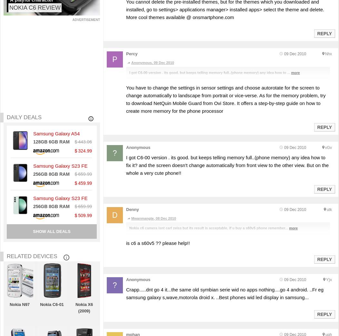 The image size is (339, 336). What do you see at coordinates (32, 256) in the screenshot?
I see `'Related devices'` at bounding box center [32, 256].